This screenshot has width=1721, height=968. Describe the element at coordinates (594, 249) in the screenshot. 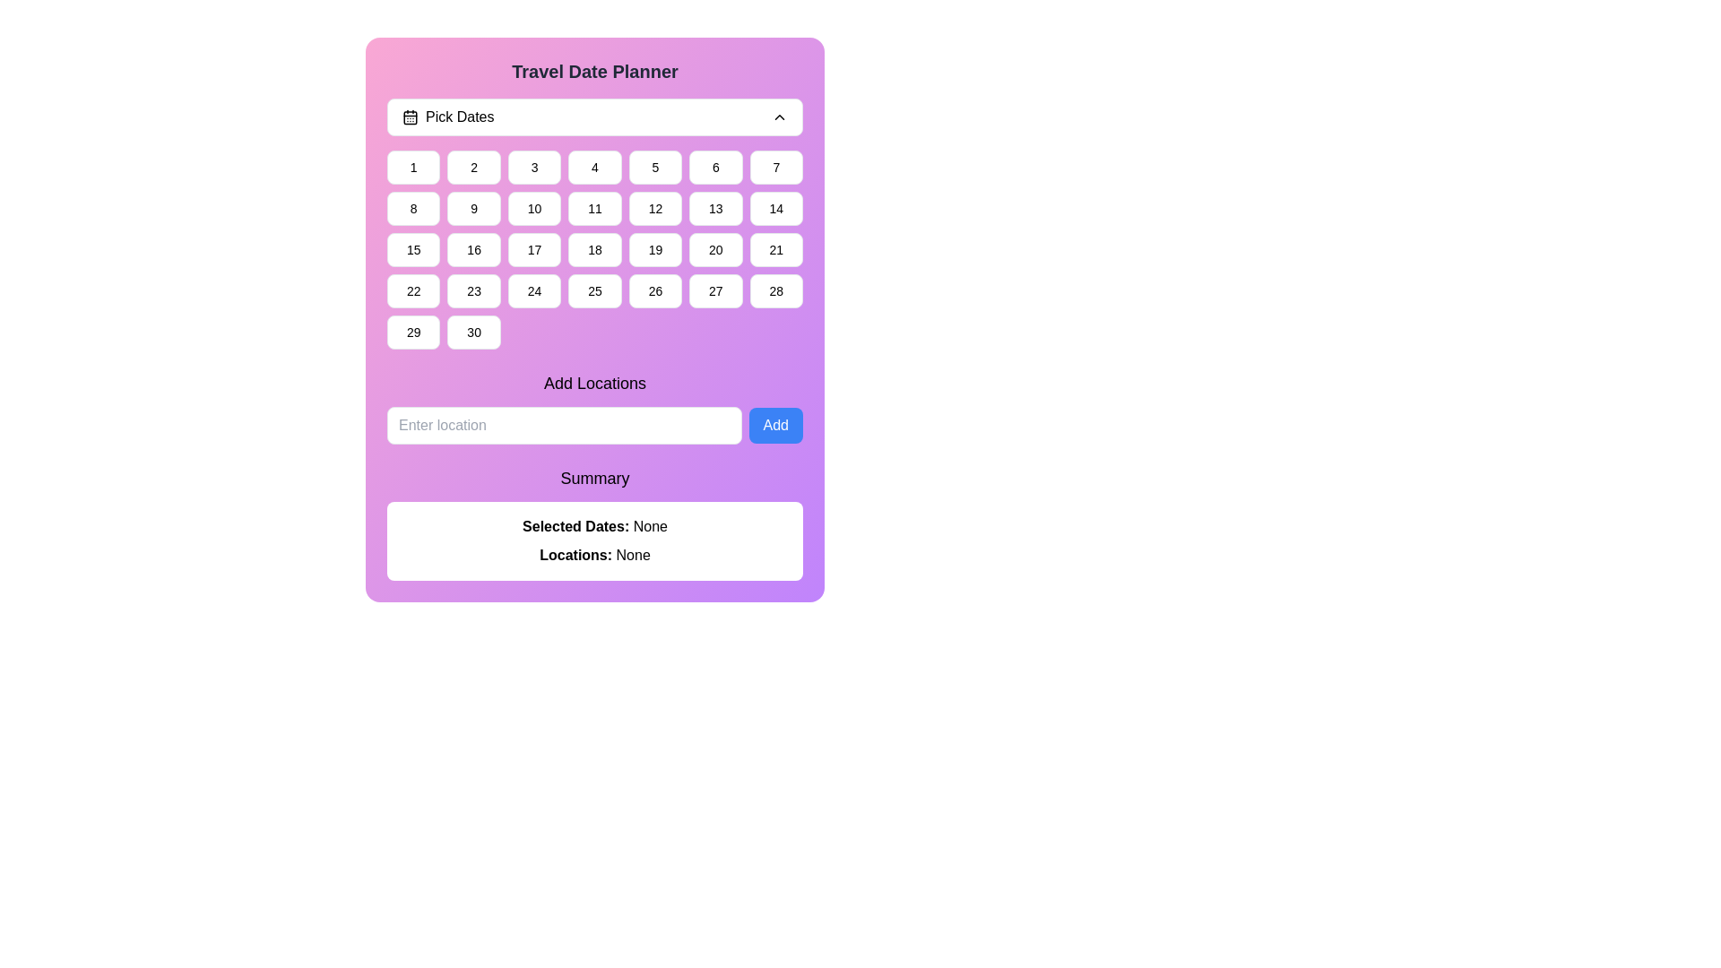

I see `the button with the number '18' which is styled with a white background and gray border, located in the third row and fourth column of the grid below the 'Travel Date Planner' header` at that location.